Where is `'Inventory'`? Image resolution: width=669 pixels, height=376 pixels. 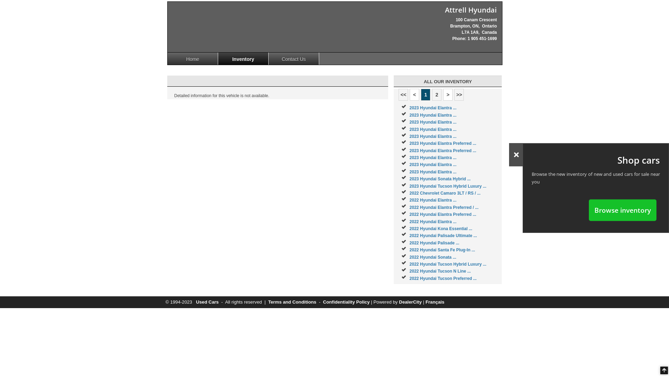 'Inventory' is located at coordinates (243, 58).